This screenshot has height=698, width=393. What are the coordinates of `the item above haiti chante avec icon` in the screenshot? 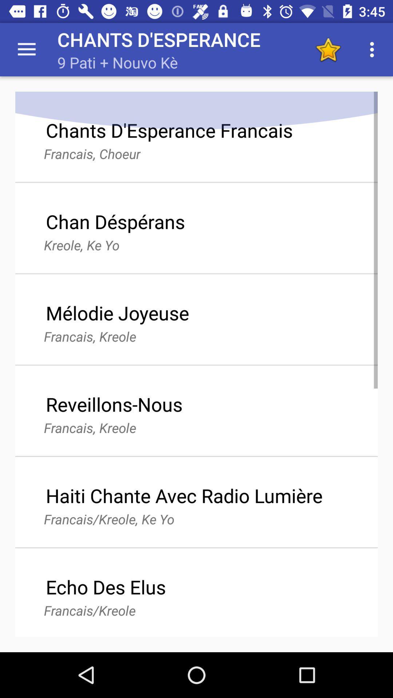 It's located at (328, 49).